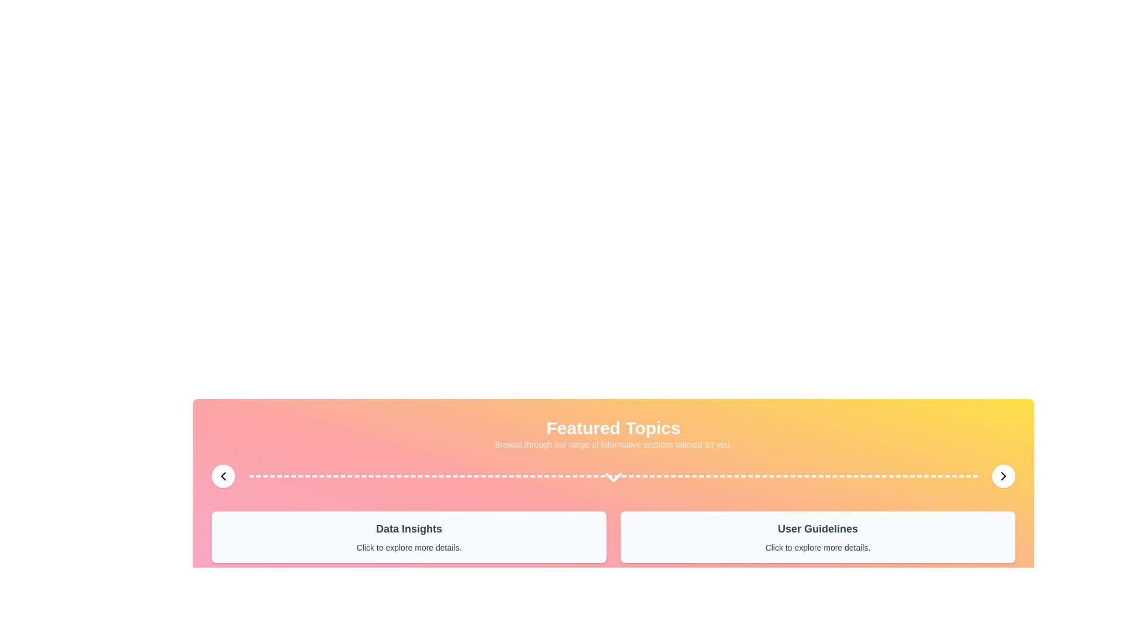 This screenshot has height=632, width=1123. Describe the element at coordinates (409, 528) in the screenshot. I see `title text located at the top of the left card in the bottom section of the interface, above the text 'Click to explore more details.'` at that location.